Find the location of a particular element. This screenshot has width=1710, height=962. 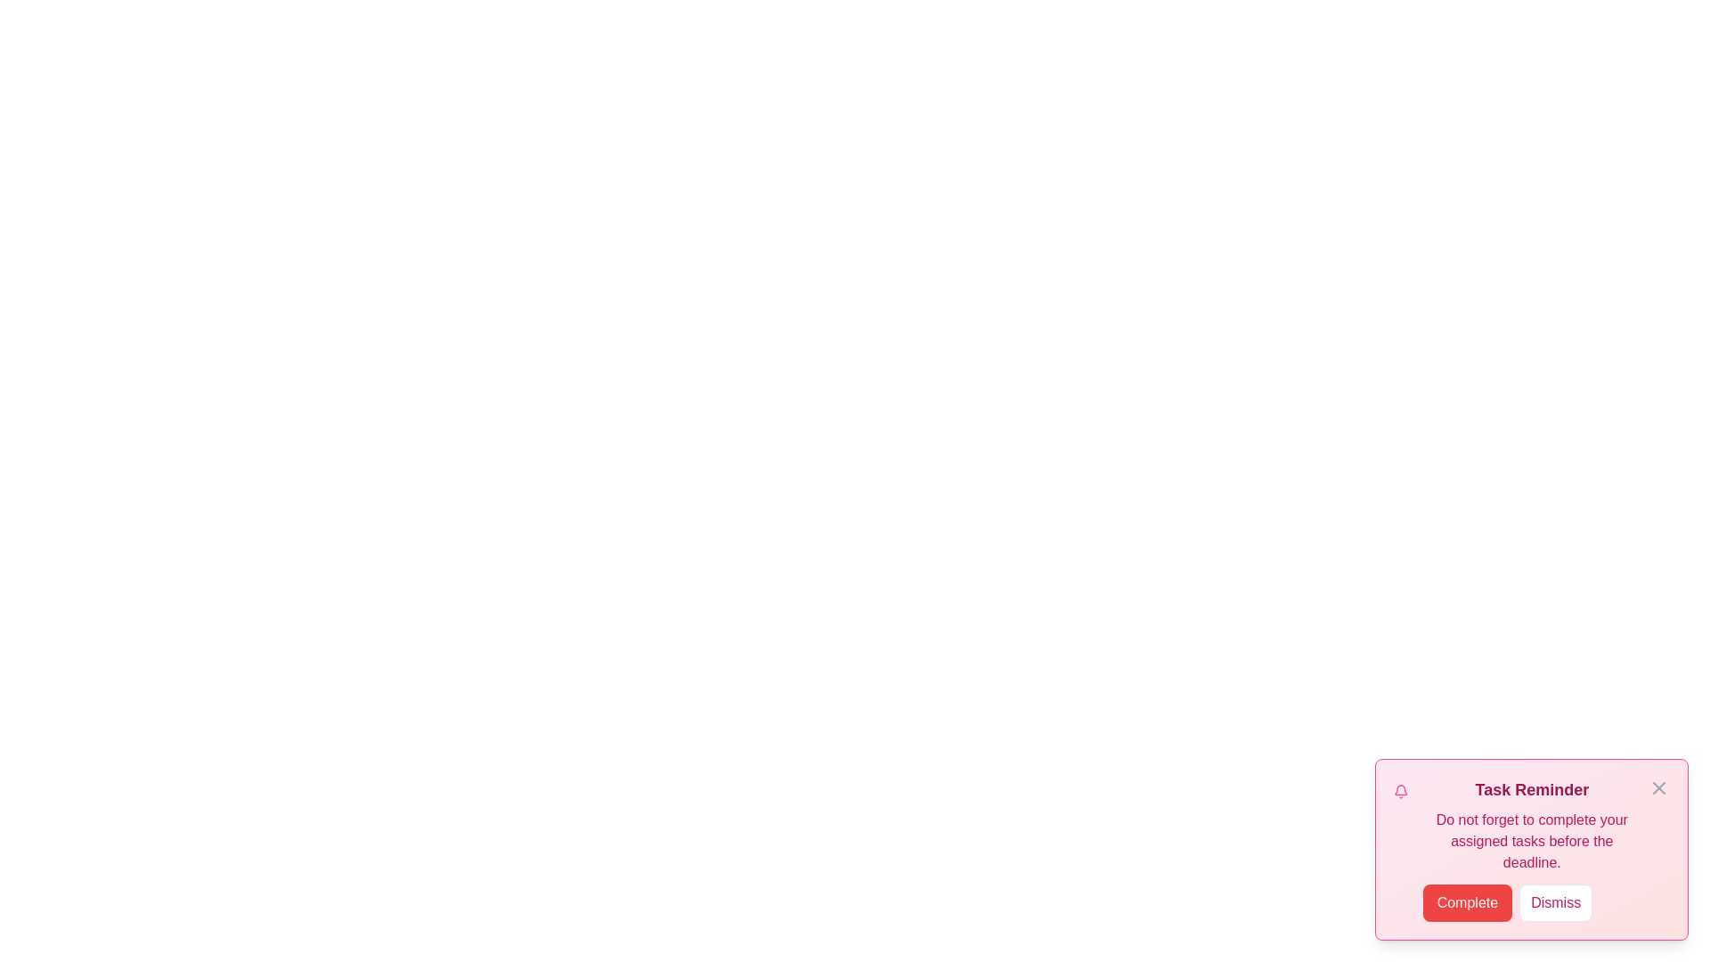

'Complete' button to mark the task as completed is located at coordinates (1467, 903).